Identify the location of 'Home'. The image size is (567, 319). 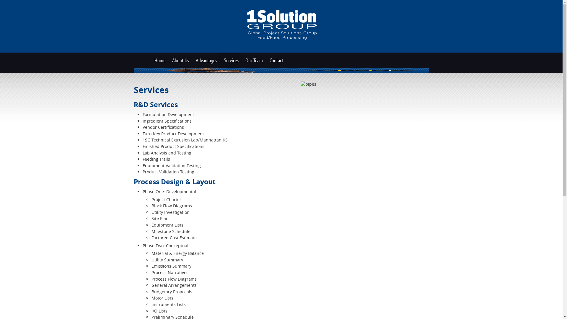
(157, 60).